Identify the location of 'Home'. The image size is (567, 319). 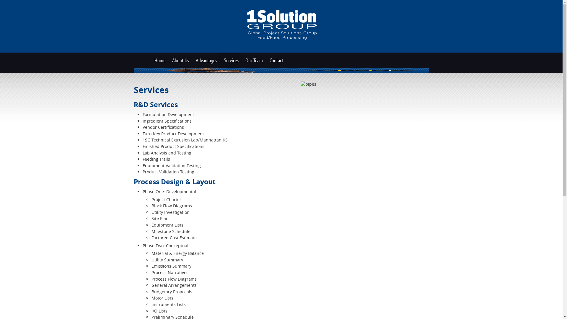
(157, 60).